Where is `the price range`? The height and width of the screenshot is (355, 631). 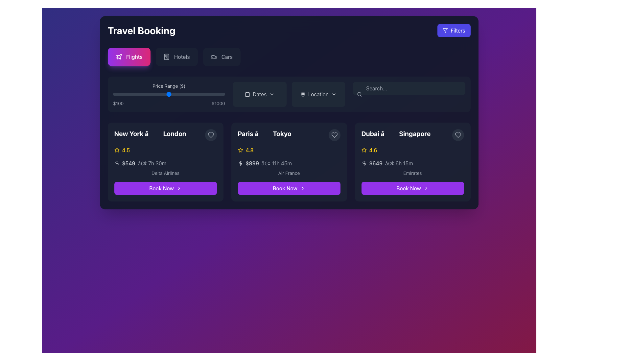 the price range is located at coordinates (136, 94).